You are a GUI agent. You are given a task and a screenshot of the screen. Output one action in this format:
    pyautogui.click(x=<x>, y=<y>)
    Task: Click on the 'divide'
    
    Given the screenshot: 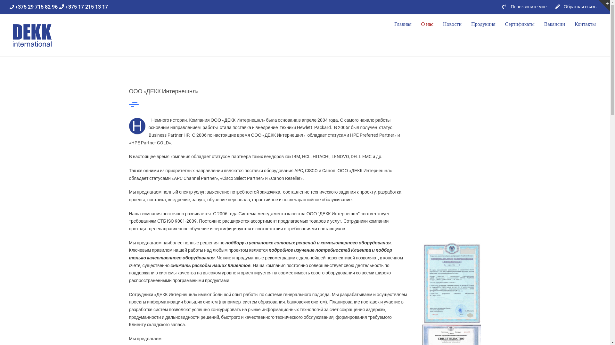 What is the action you would take?
    pyautogui.click(x=133, y=104)
    